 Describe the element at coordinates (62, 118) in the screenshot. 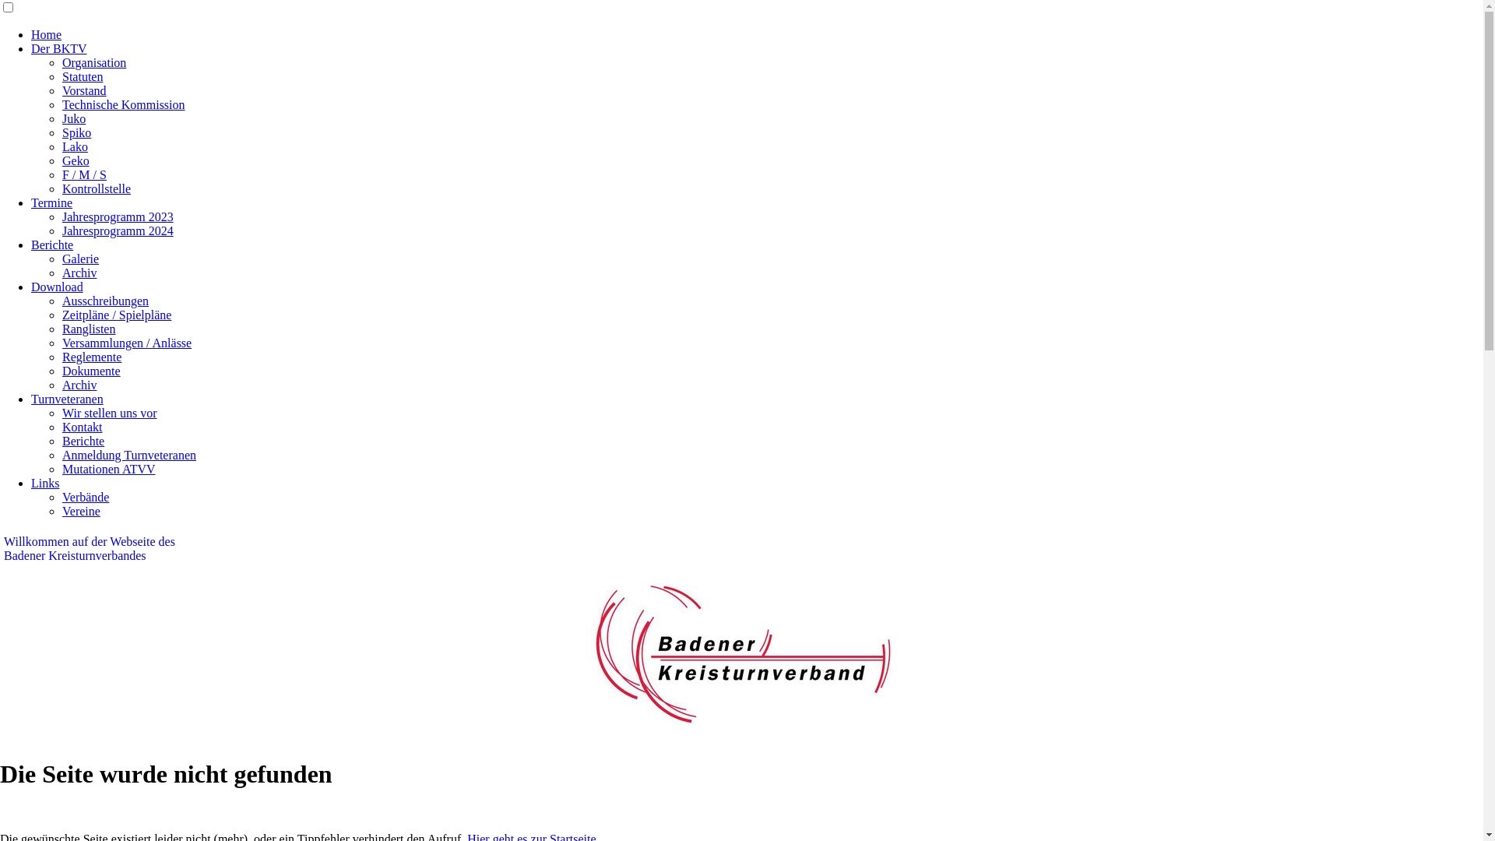

I see `'Juko'` at that location.